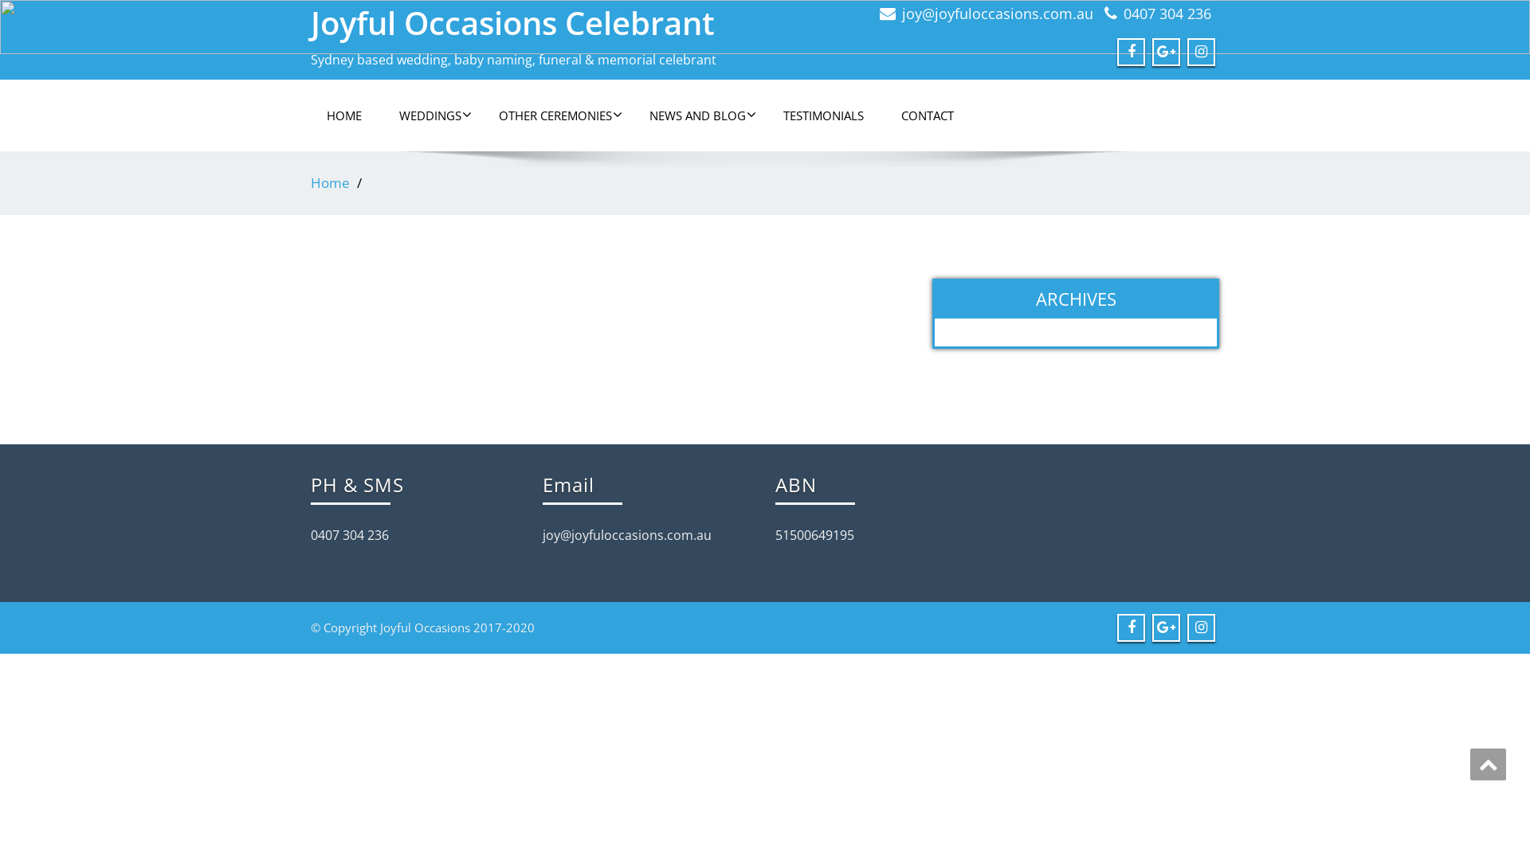  What do you see at coordinates (430, 115) in the screenshot?
I see `'WEDDINGS'` at bounding box center [430, 115].